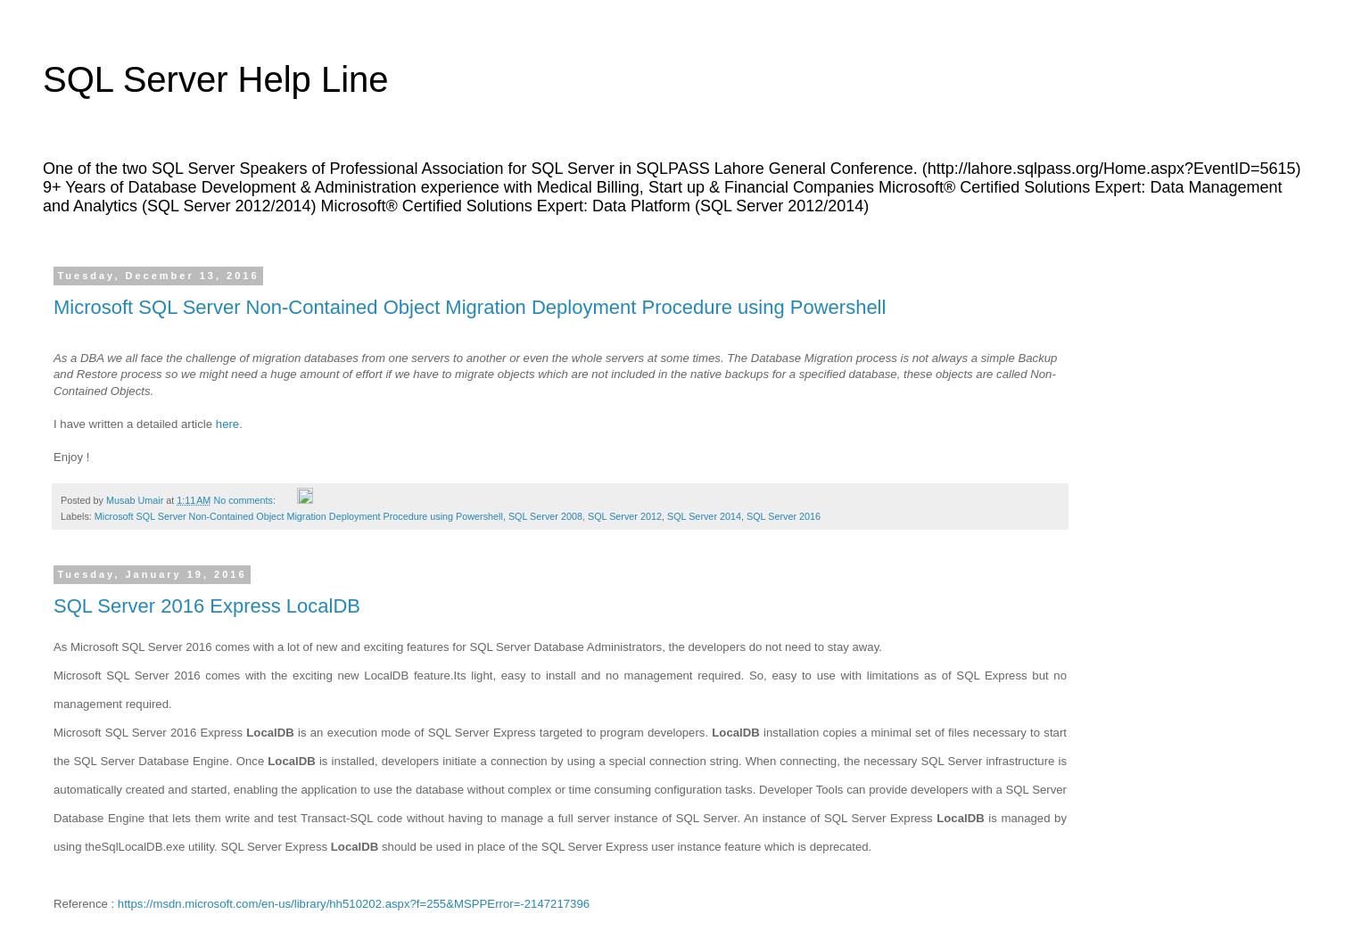 Image resolution: width=1345 pixels, height=939 pixels. Describe the element at coordinates (176, 499) in the screenshot. I see `'1:11 AM'` at that location.